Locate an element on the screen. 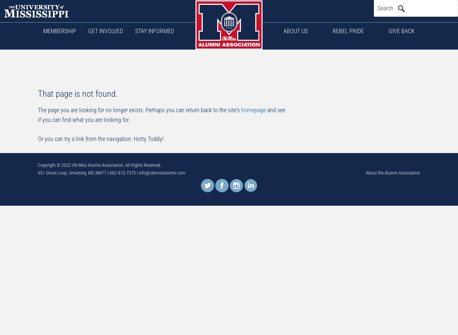  'Copyright © 2022 Ole Miss Alumni Association. All Rights Reserved.' is located at coordinates (99, 165).